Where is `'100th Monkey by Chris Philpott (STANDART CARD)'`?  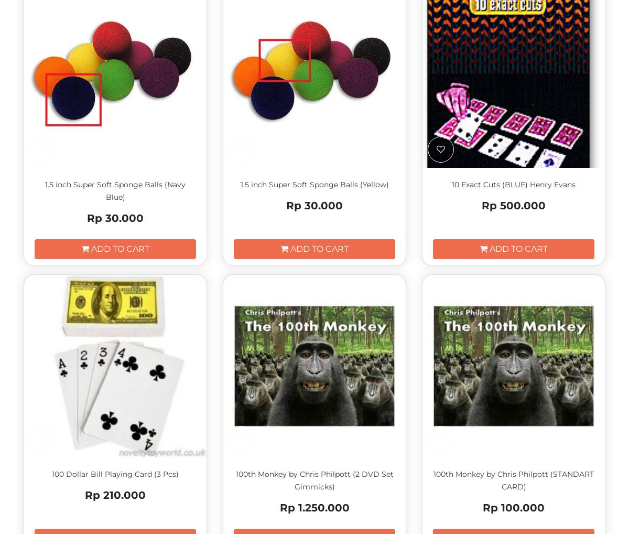
'100th Monkey by Chris Philpott (STANDART CARD)' is located at coordinates (514, 480).